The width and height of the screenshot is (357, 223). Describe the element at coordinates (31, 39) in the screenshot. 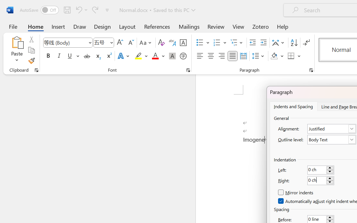

I see `'Cut'` at that location.